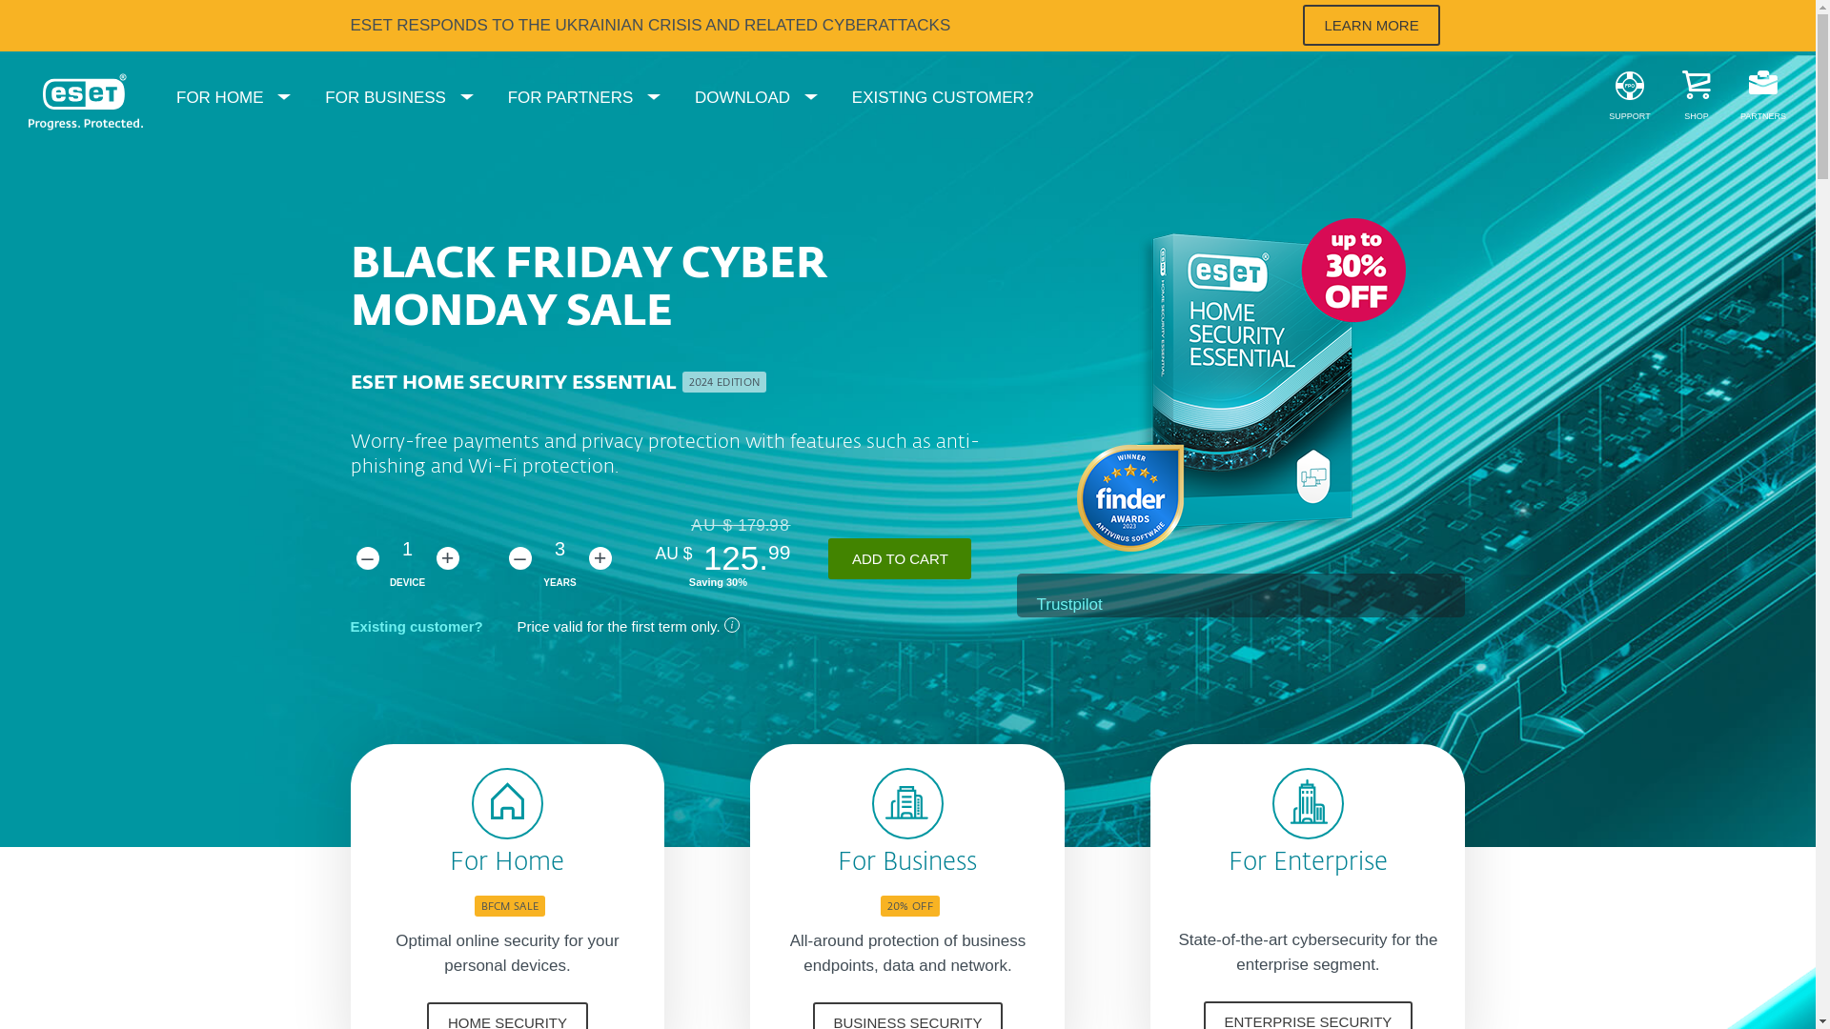  Describe the element at coordinates (448, 863) in the screenshot. I see `'For Home'` at that location.